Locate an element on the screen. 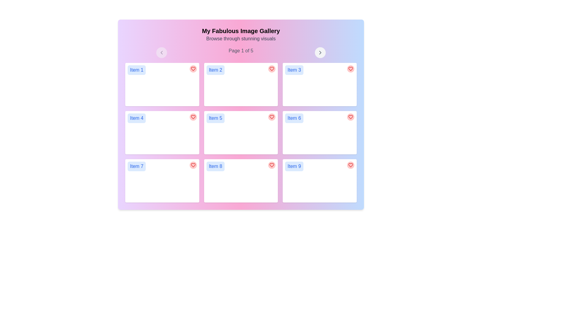 Image resolution: width=578 pixels, height=325 pixels. the first card in the 3x3 grid layout is located at coordinates (162, 85).